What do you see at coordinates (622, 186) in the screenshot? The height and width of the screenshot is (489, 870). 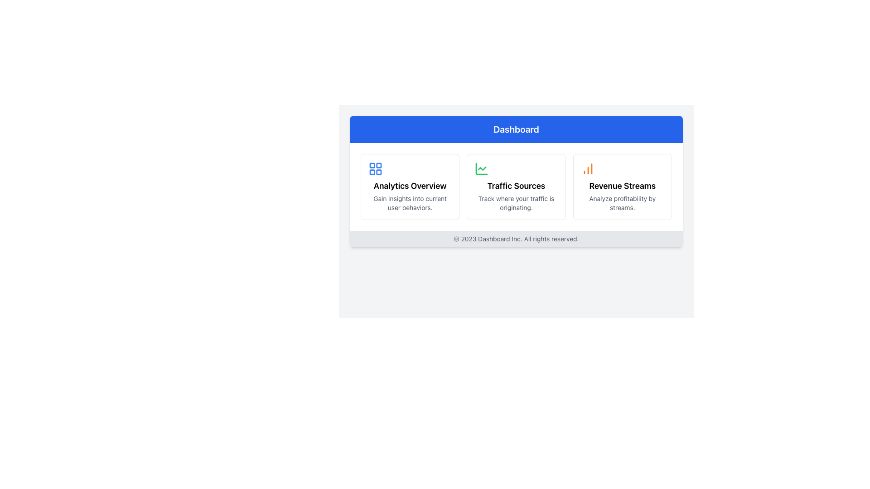 I see `the heading 'Revenue Streams' to focus on it, which is styled in bold and slightly larger font within the third card of three horizontally aligned cards` at bounding box center [622, 186].